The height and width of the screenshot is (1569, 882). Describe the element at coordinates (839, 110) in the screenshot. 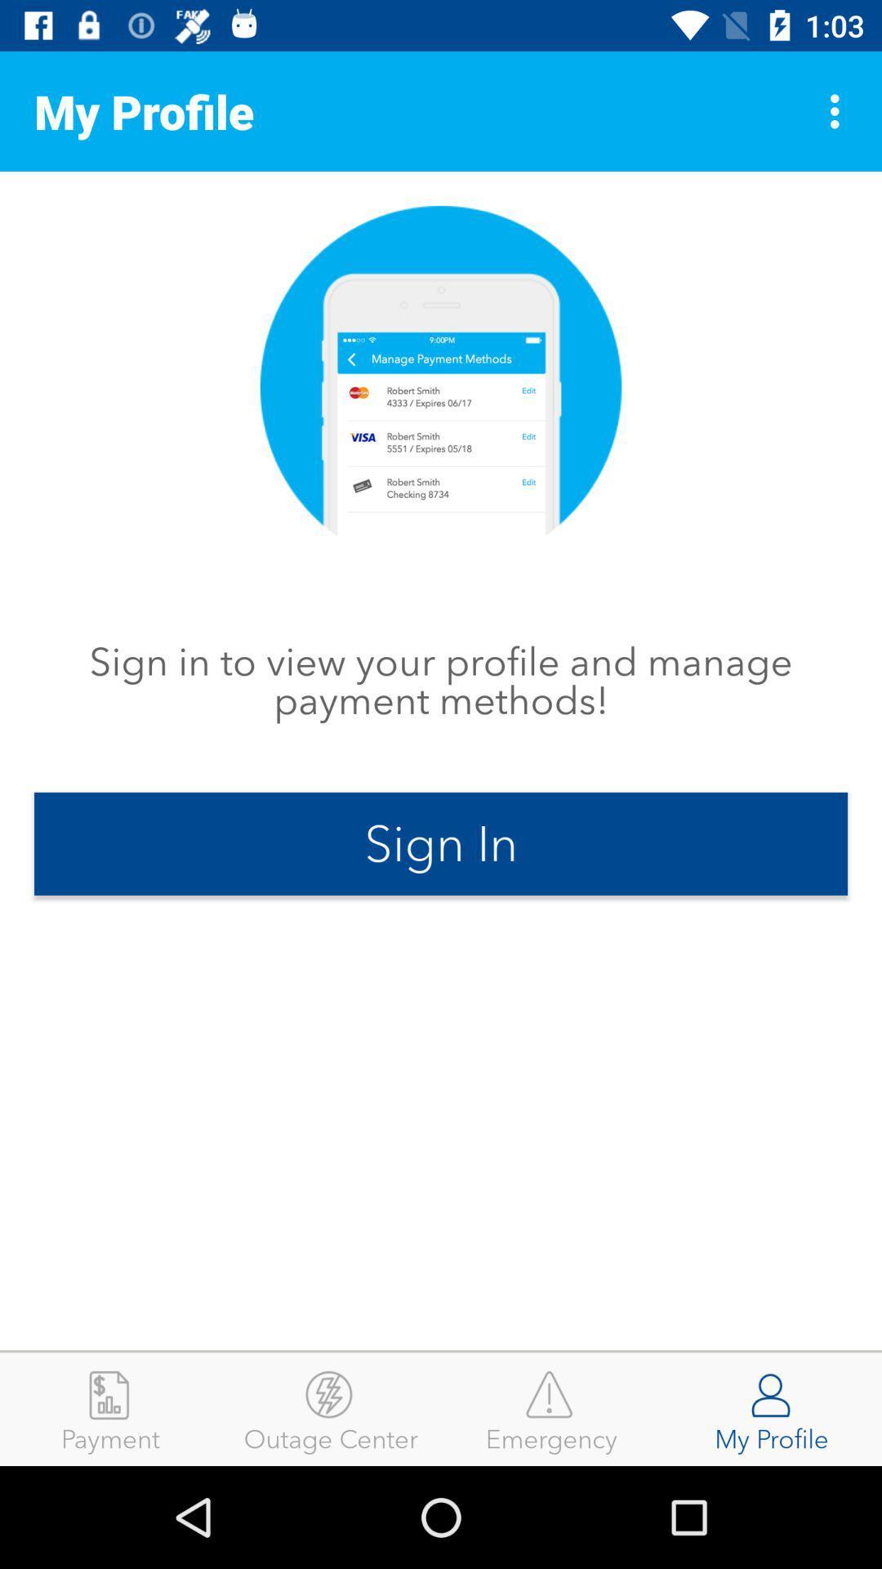

I see `icon at the top right corner` at that location.